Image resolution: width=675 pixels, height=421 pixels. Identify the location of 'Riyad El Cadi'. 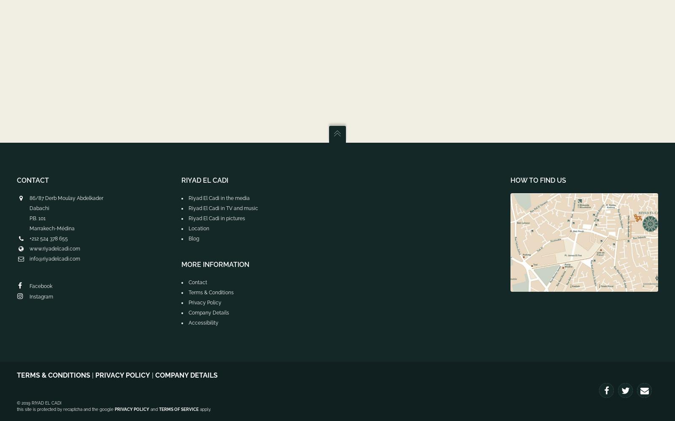
(204, 180).